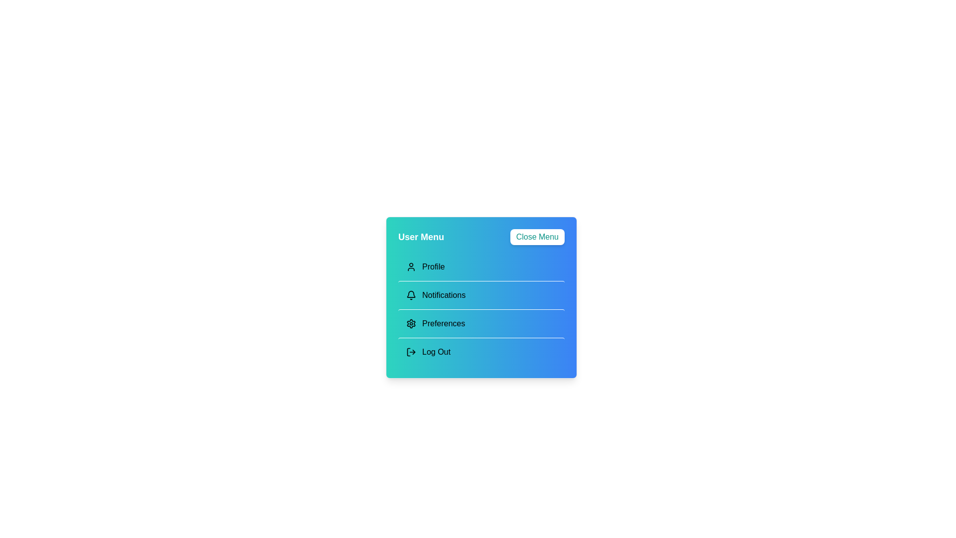 This screenshot has height=538, width=956. Describe the element at coordinates (481, 351) in the screenshot. I see `the menu option Log Out by clicking on its corresponding area` at that location.